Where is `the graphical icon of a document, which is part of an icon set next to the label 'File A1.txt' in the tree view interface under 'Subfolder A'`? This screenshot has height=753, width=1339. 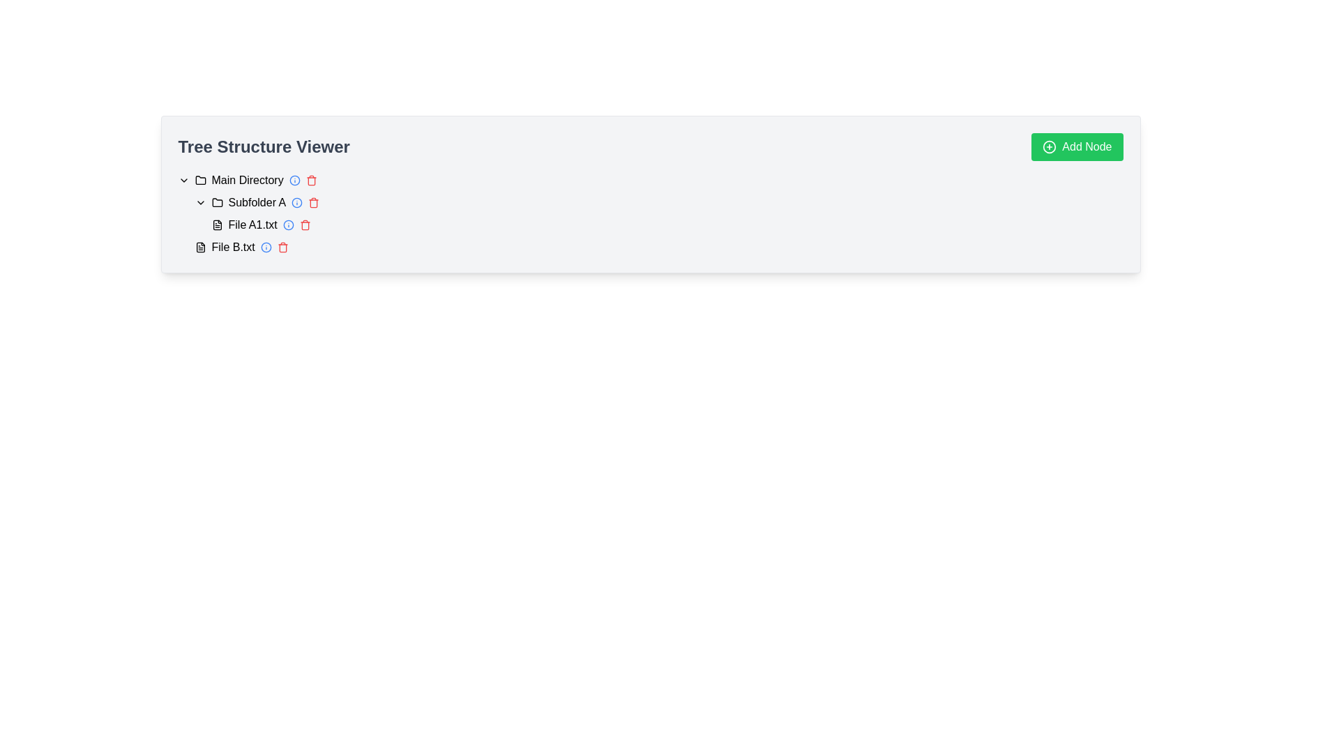
the graphical icon of a document, which is part of an icon set next to the label 'File A1.txt' in the tree view interface under 'Subfolder A' is located at coordinates (216, 225).